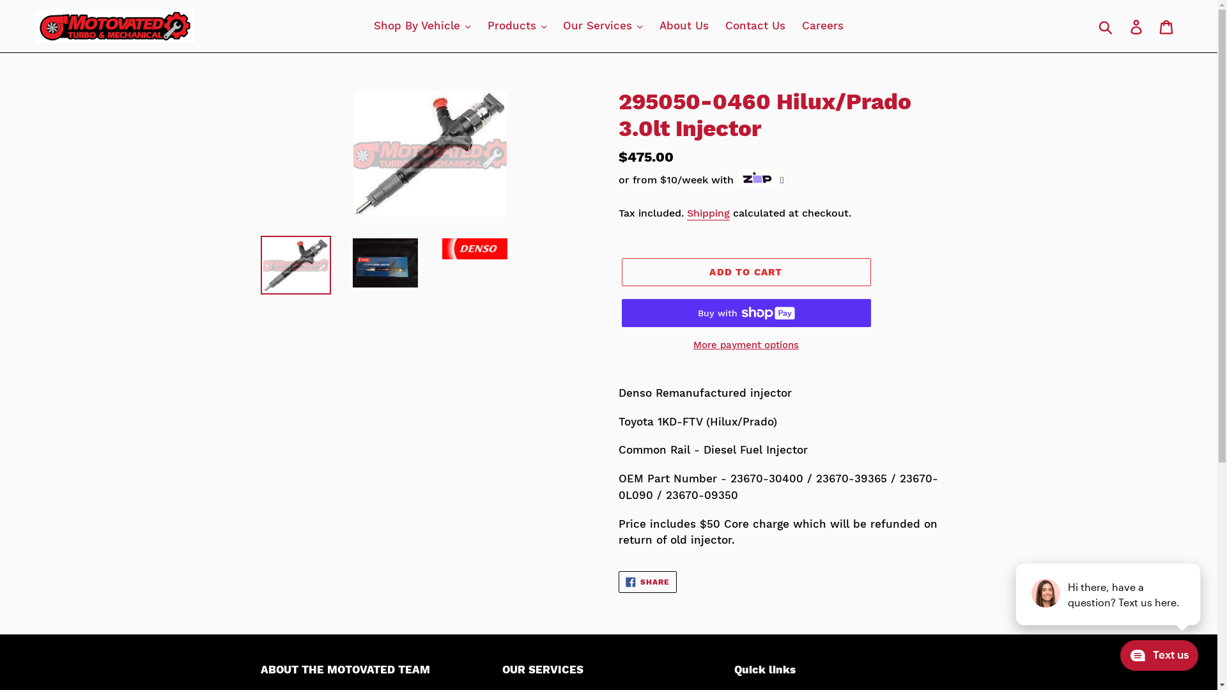 The image size is (1227, 690). I want to click on 'podium webchat widget prompt', so click(1107, 594).